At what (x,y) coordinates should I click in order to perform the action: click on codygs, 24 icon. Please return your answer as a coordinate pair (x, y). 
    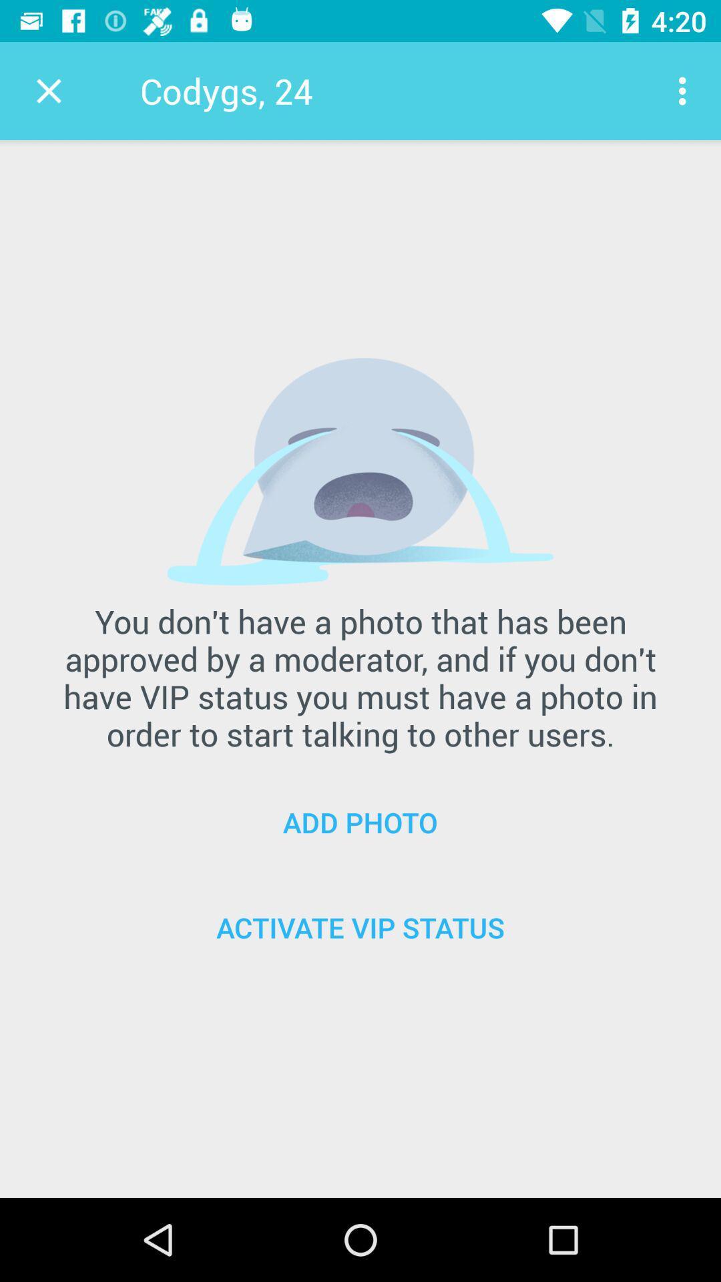
    Looking at the image, I should click on (226, 90).